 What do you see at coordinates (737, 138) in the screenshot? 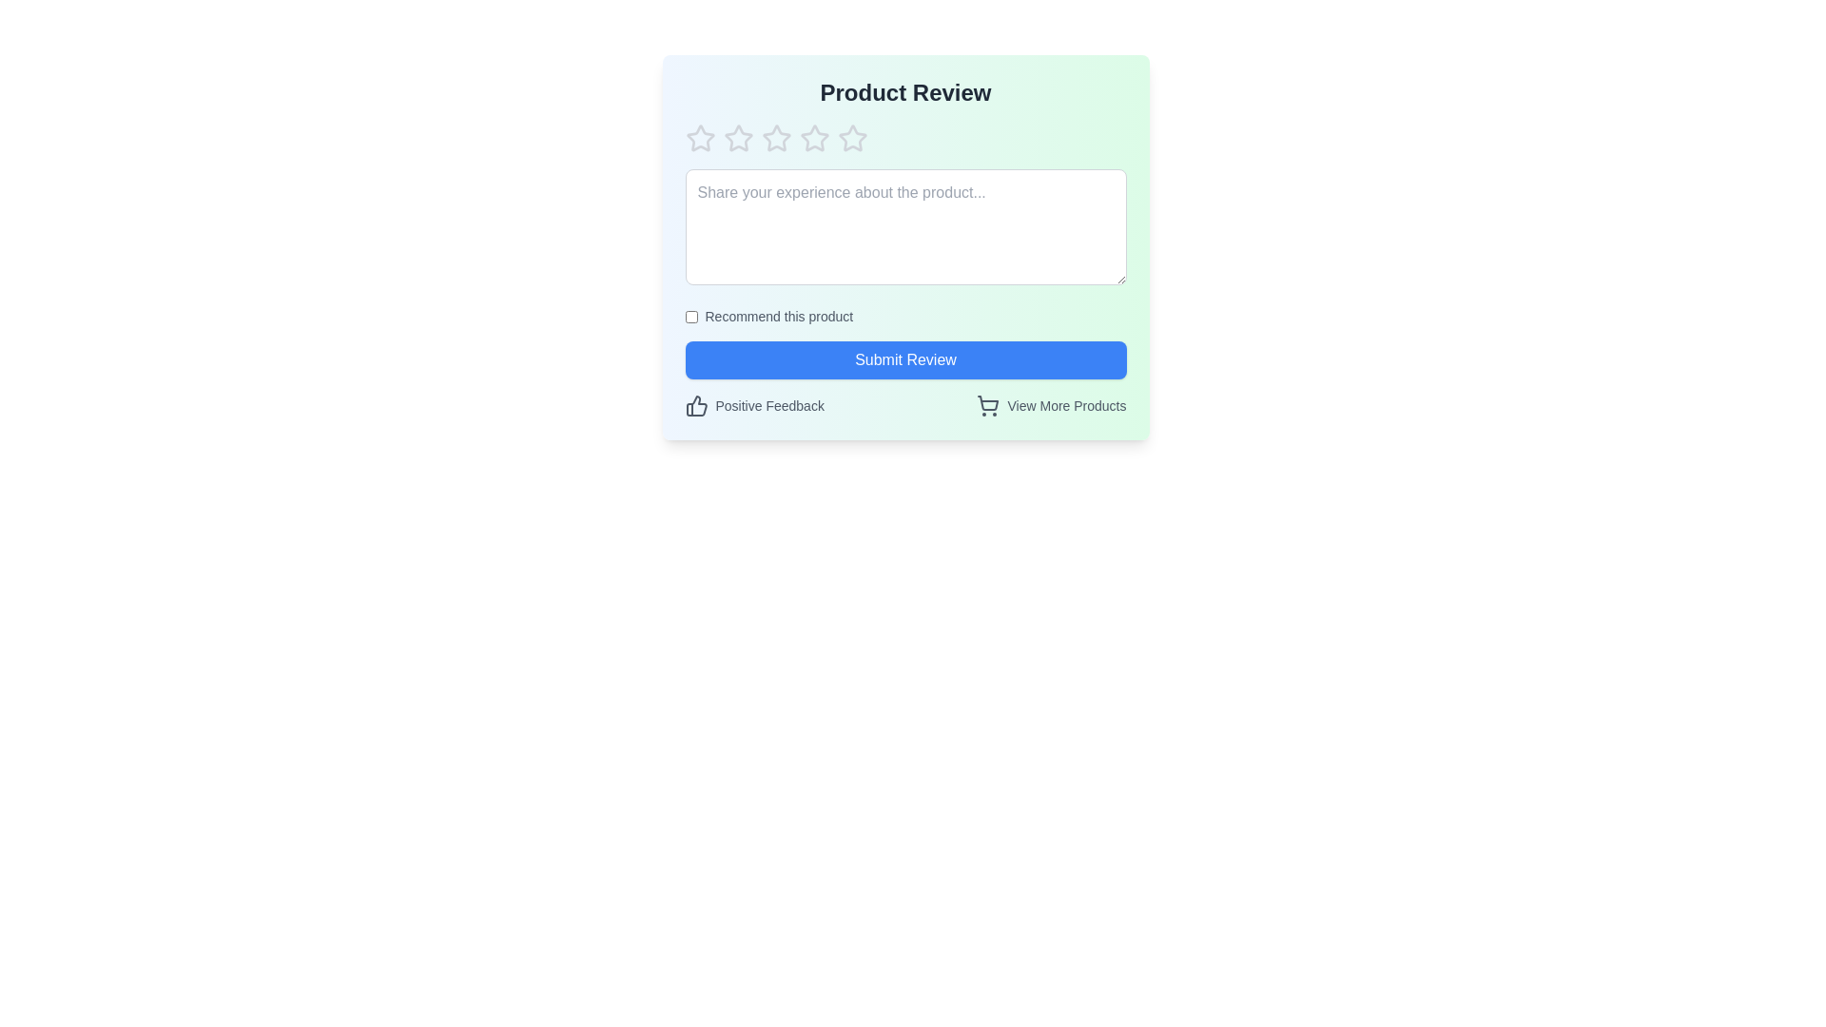
I see `the star representing 2 stars to preview the rating` at bounding box center [737, 138].